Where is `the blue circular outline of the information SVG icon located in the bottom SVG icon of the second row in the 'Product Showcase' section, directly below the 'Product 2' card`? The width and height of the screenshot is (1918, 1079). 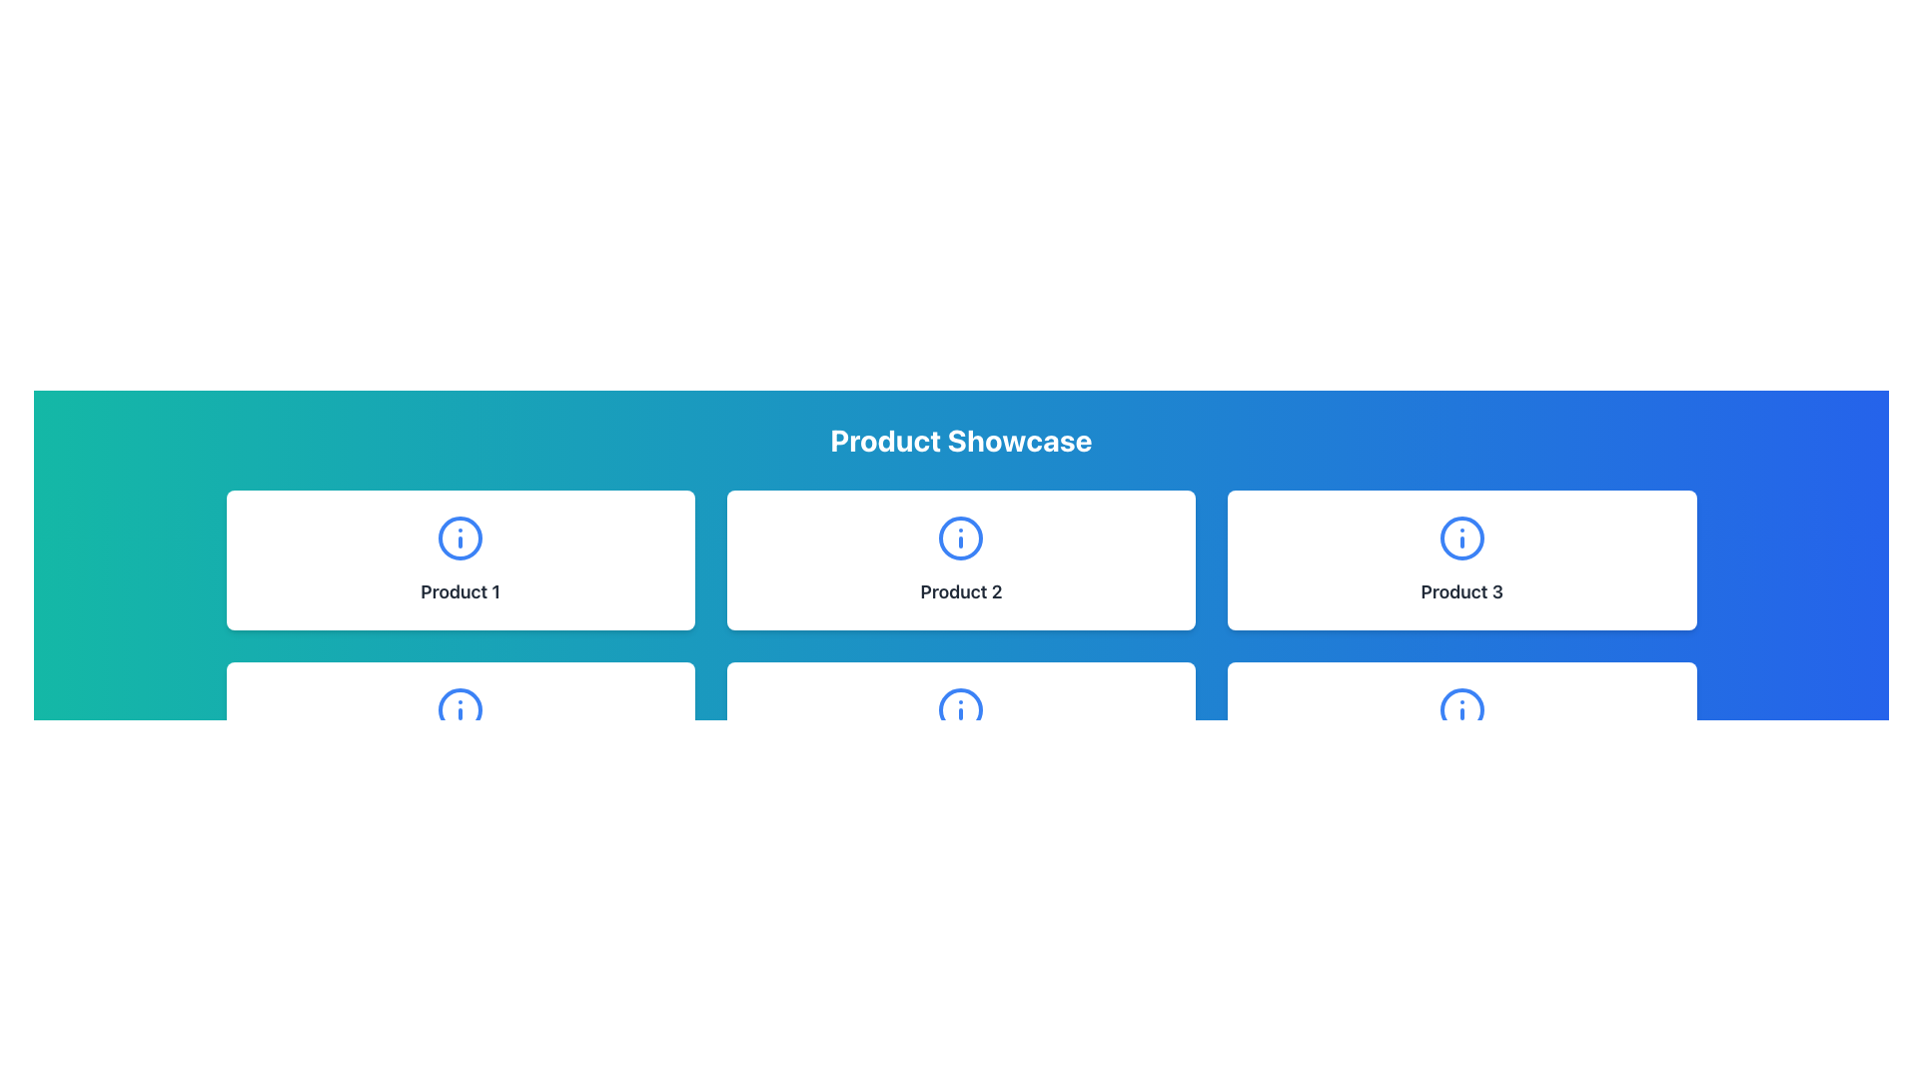 the blue circular outline of the information SVG icon located in the bottom SVG icon of the second row in the 'Product Showcase' section, directly below the 'Product 2' card is located at coordinates (961, 708).